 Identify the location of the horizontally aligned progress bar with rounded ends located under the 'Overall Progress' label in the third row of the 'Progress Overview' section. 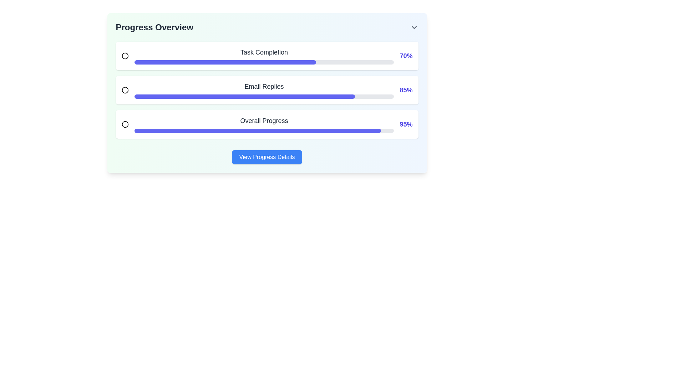
(264, 130).